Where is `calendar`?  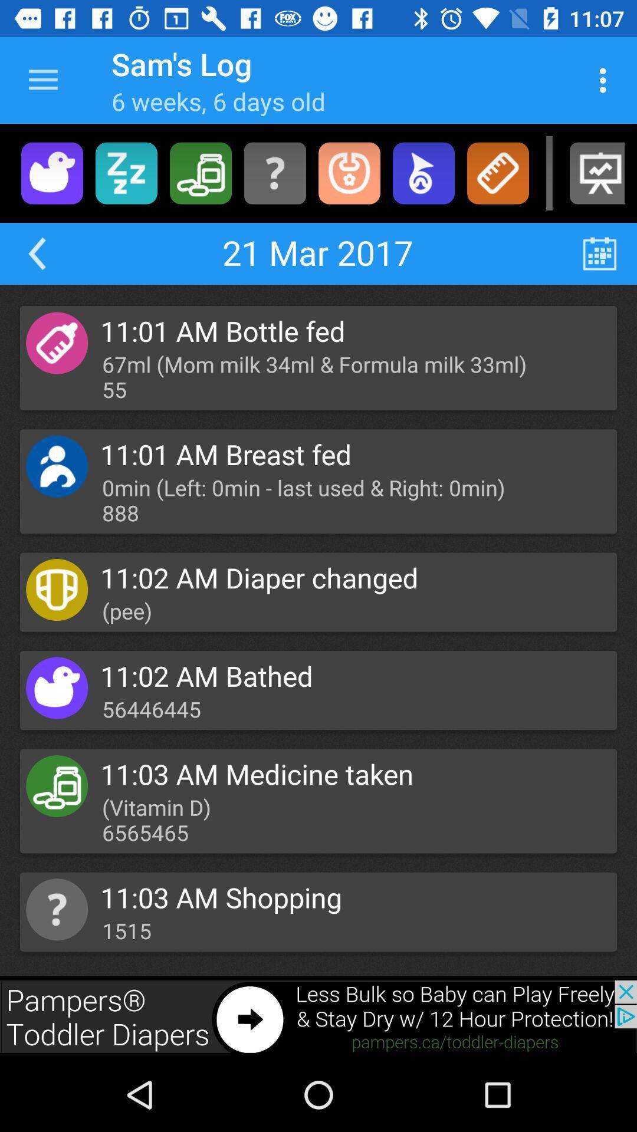 calendar is located at coordinates (600, 253).